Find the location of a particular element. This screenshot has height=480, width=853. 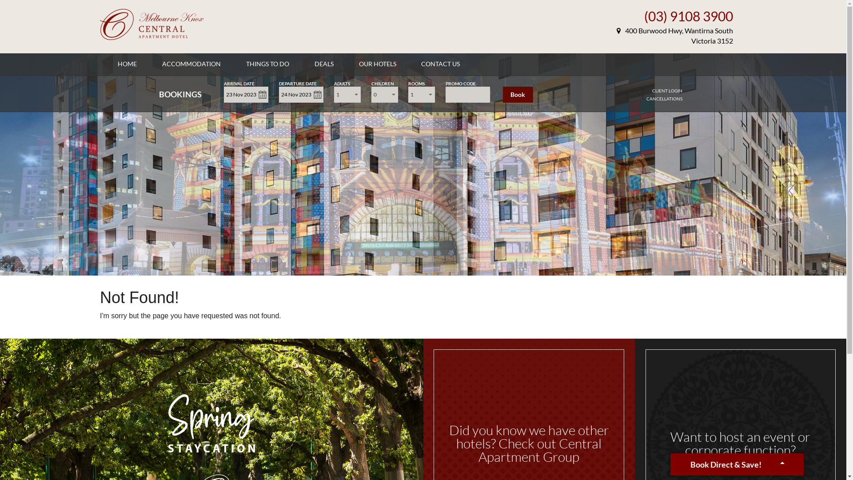

'ACCOMMODATION' is located at coordinates (191, 63).